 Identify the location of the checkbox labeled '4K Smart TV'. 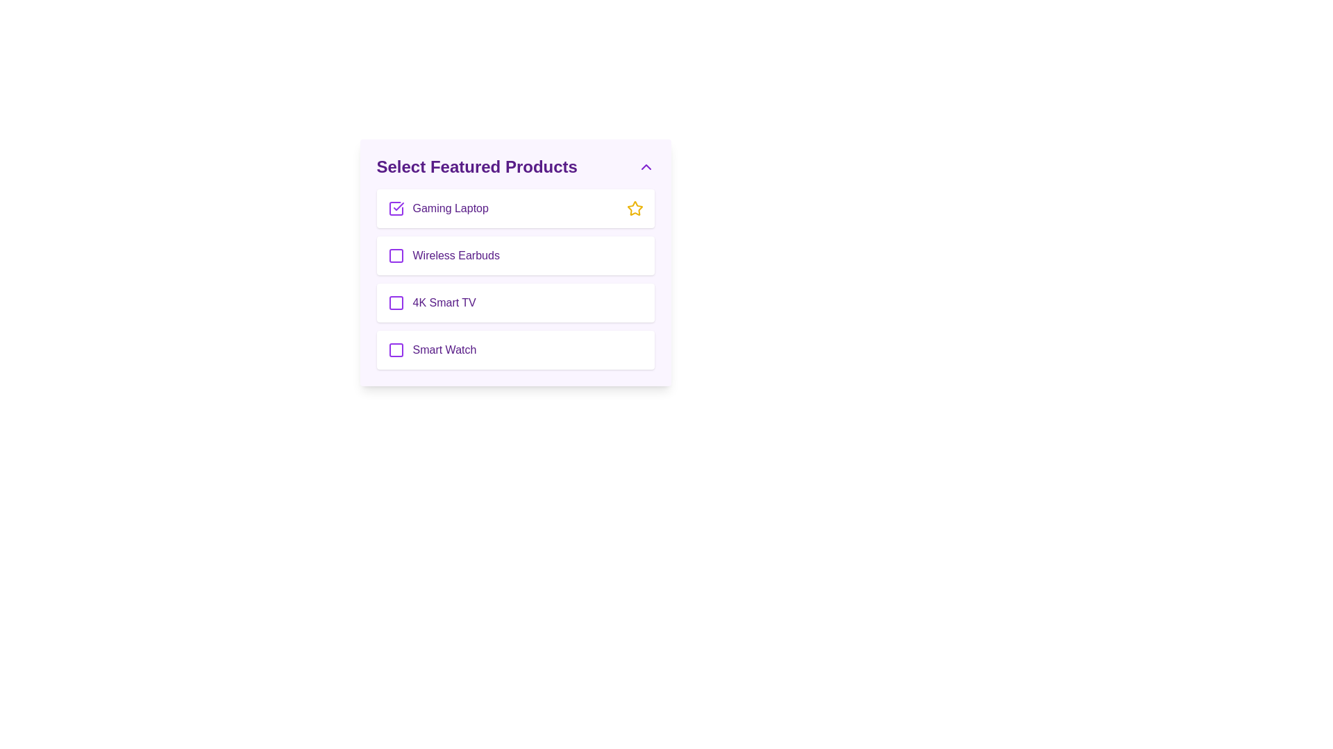
(514, 302).